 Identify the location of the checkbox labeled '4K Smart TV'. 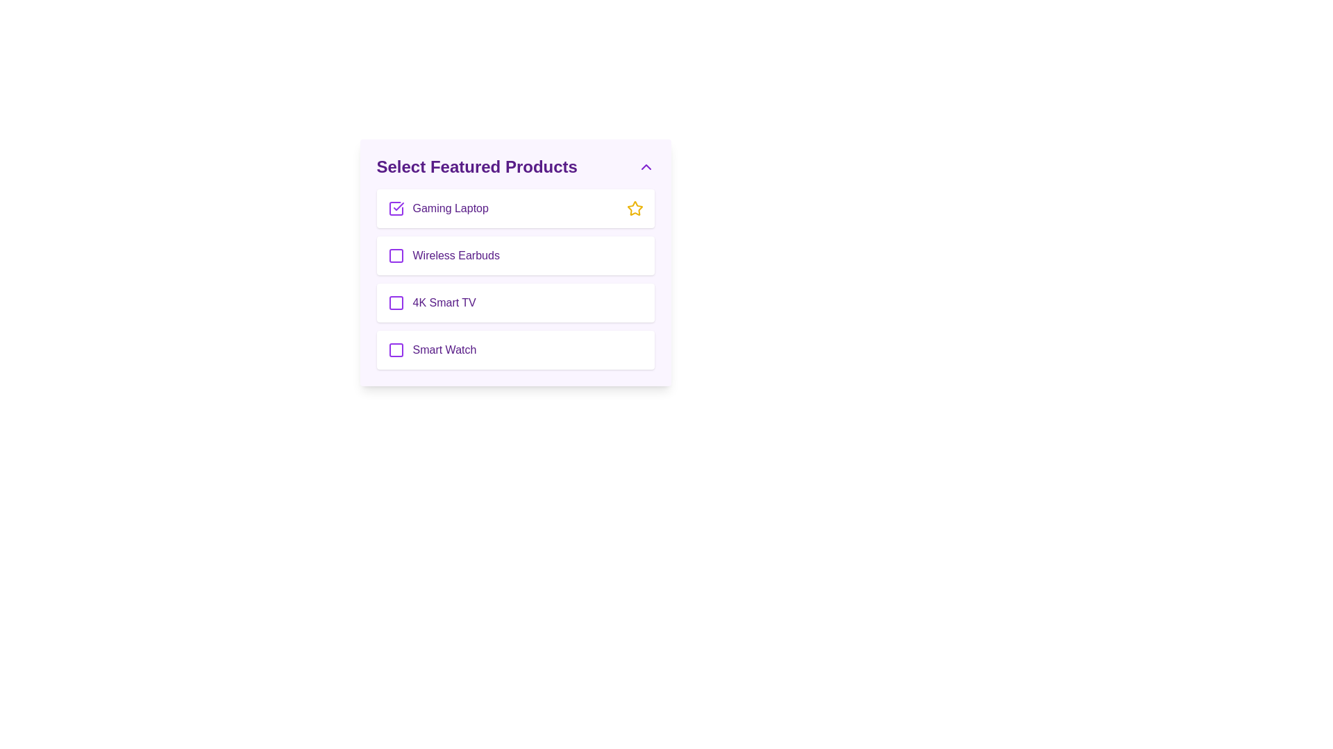
(514, 302).